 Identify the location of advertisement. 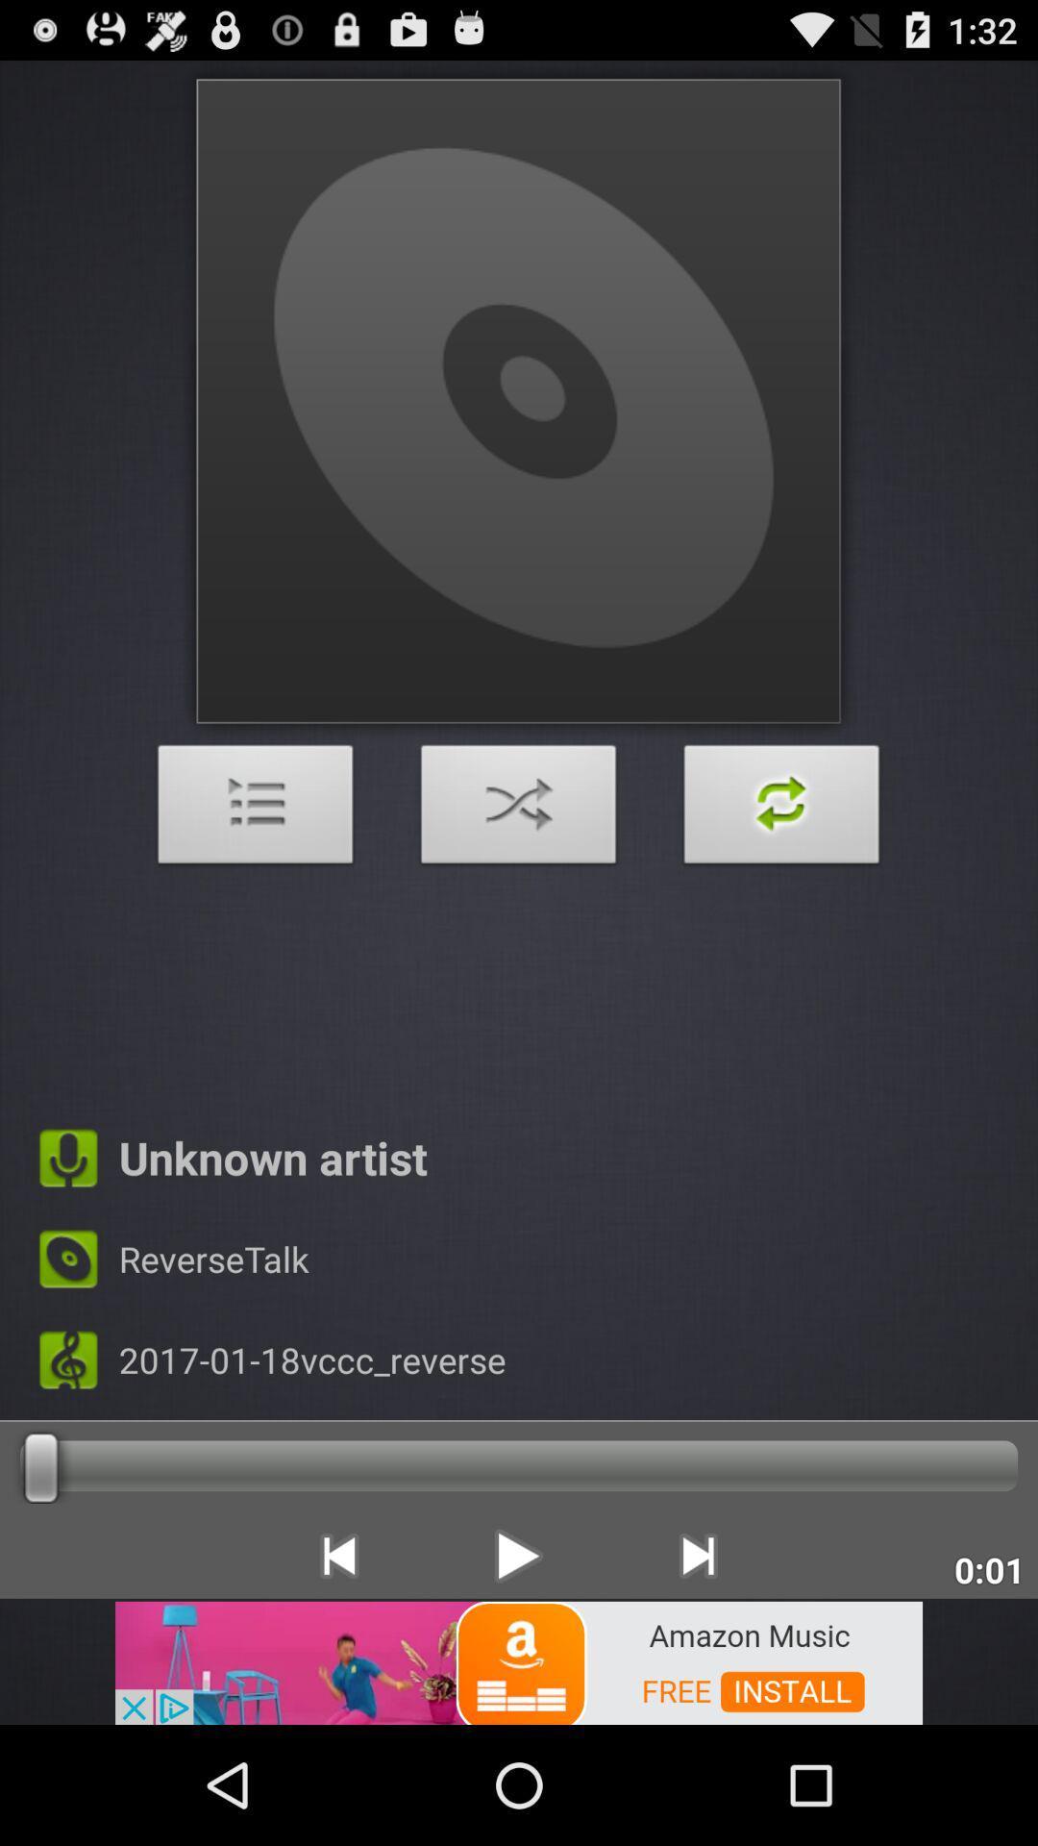
(519, 1660).